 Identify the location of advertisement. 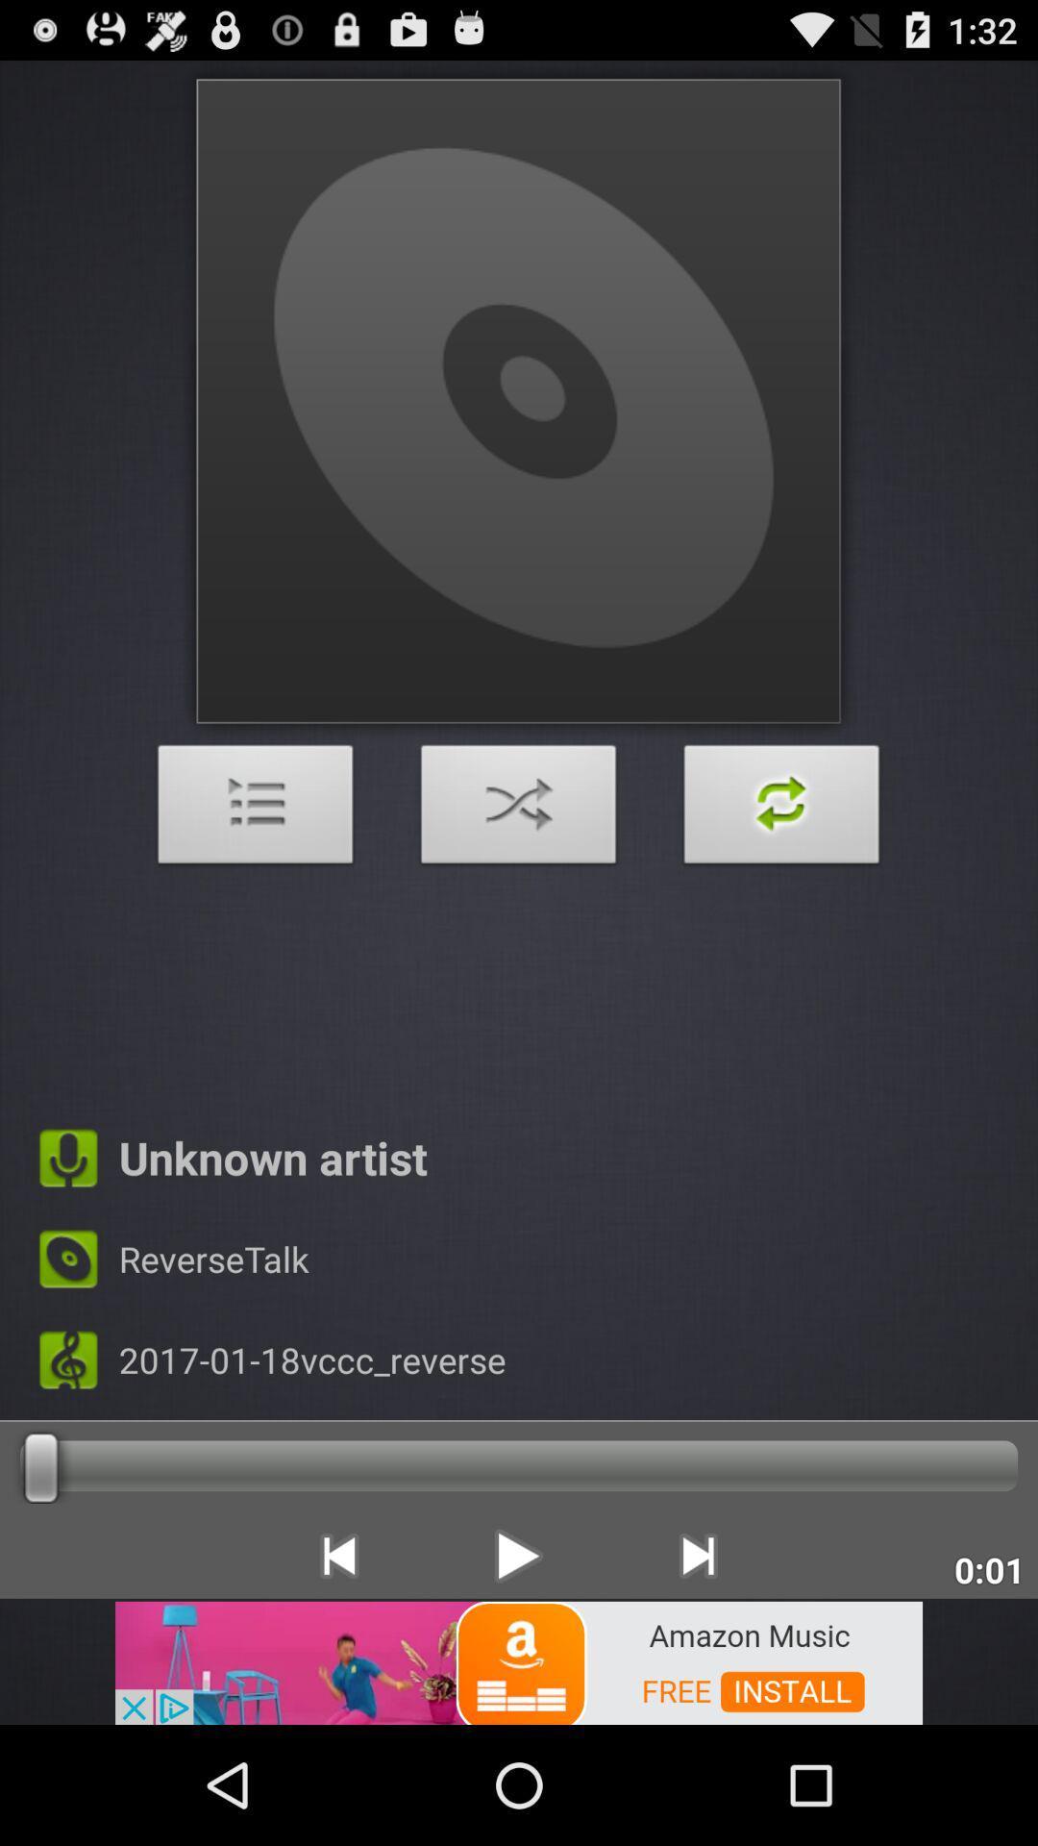
(519, 1660).